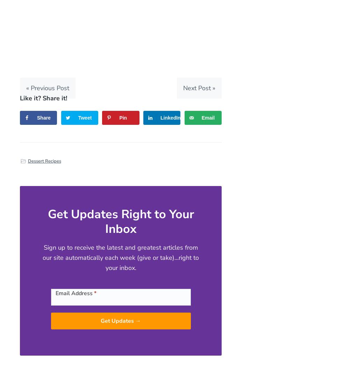  What do you see at coordinates (170, 117) in the screenshot?
I see `'LinkedIn'` at bounding box center [170, 117].